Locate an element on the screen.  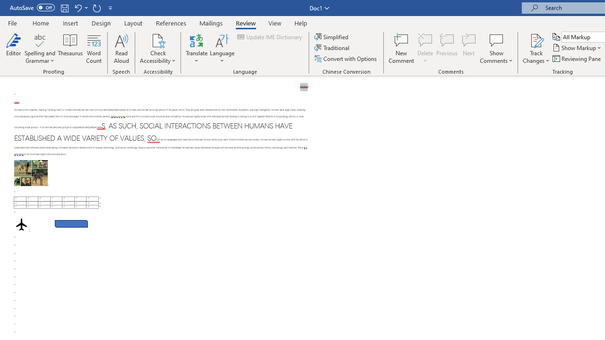
'Review' is located at coordinates (246, 23).